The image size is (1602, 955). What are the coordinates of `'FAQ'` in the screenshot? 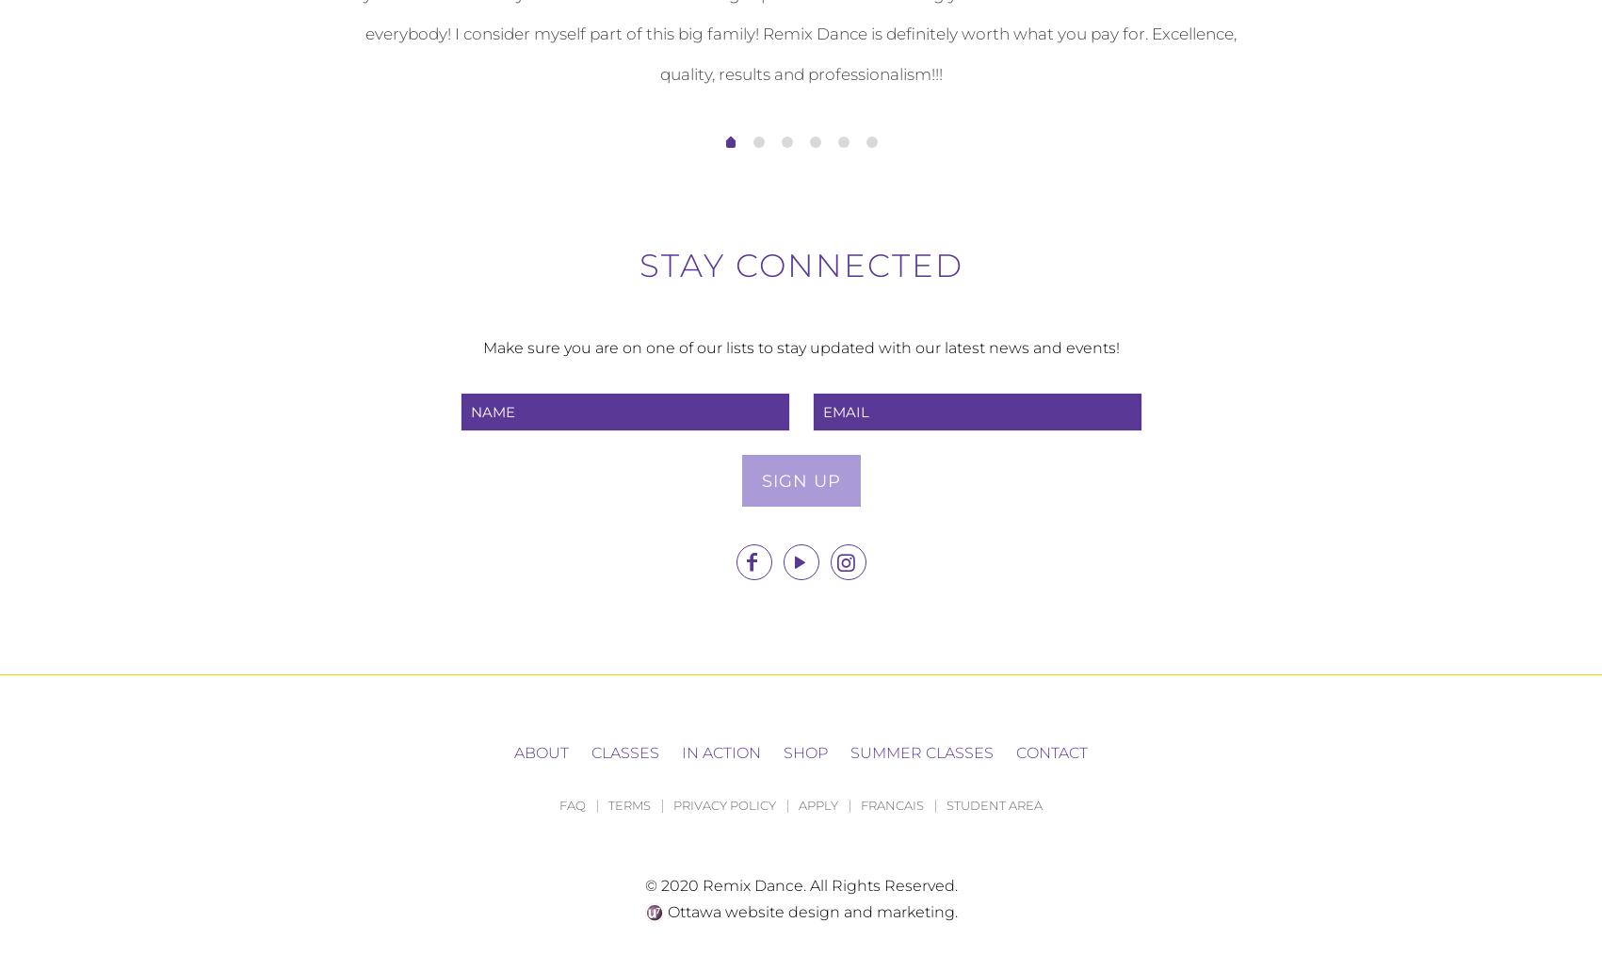 It's located at (572, 804).